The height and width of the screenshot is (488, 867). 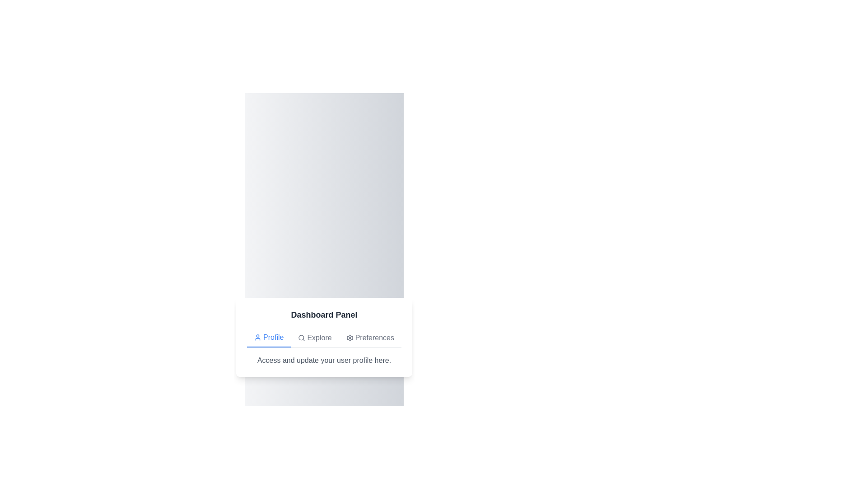 I want to click on the button located in the center of the top navigation menu, adjacent to the 'Profile' and 'Preferences' tabs, so click(x=315, y=338).